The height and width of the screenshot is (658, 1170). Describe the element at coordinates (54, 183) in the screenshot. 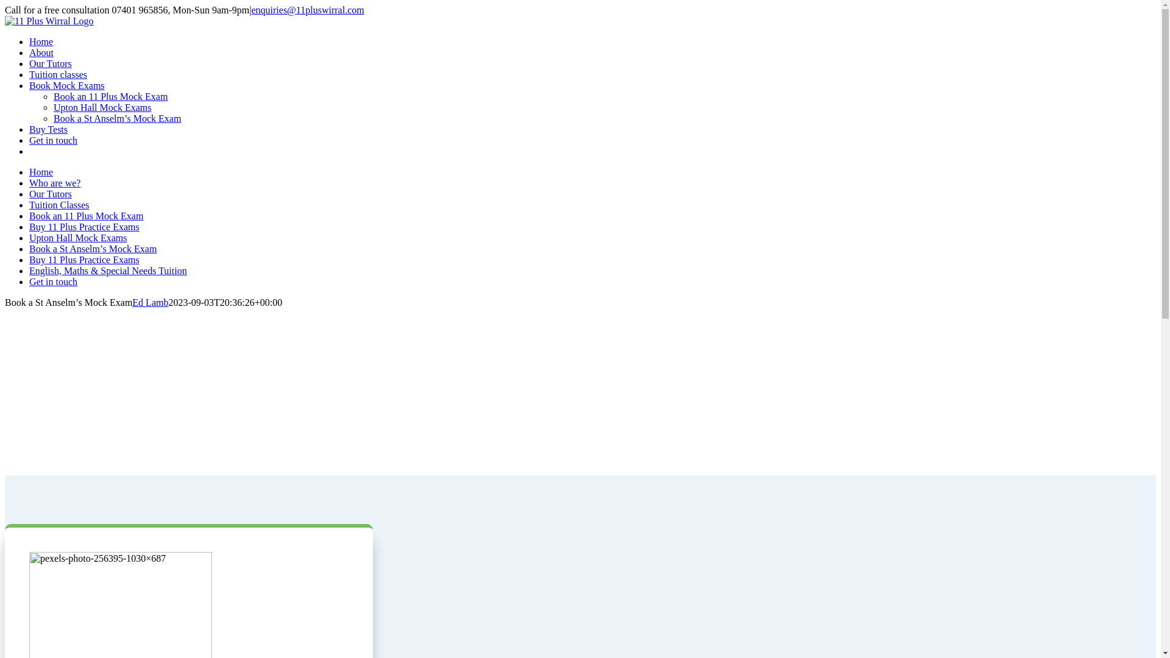

I see `'Who are we?'` at that location.